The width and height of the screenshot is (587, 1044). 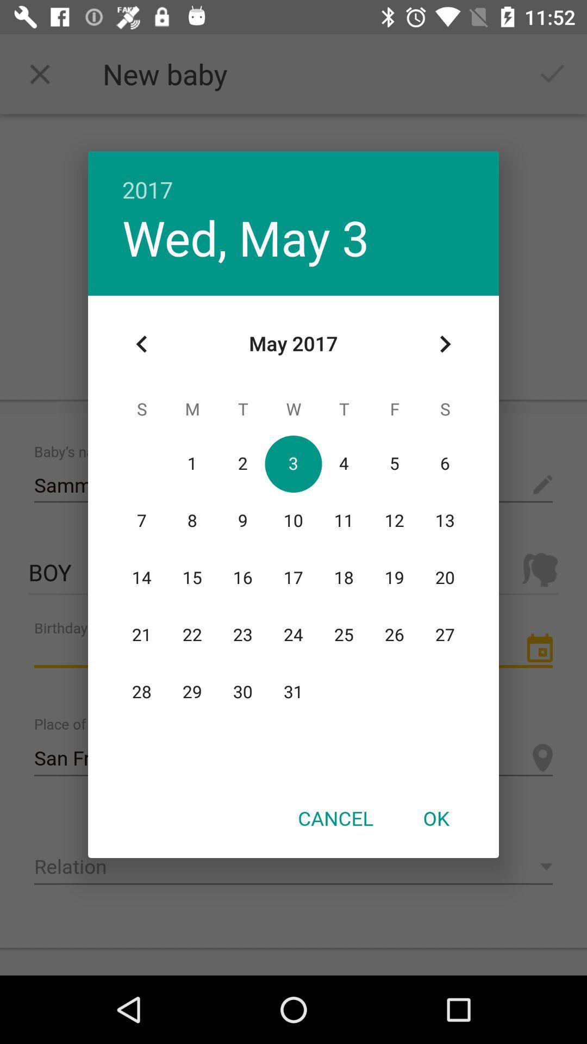 I want to click on icon next to the cancel item, so click(x=435, y=818).